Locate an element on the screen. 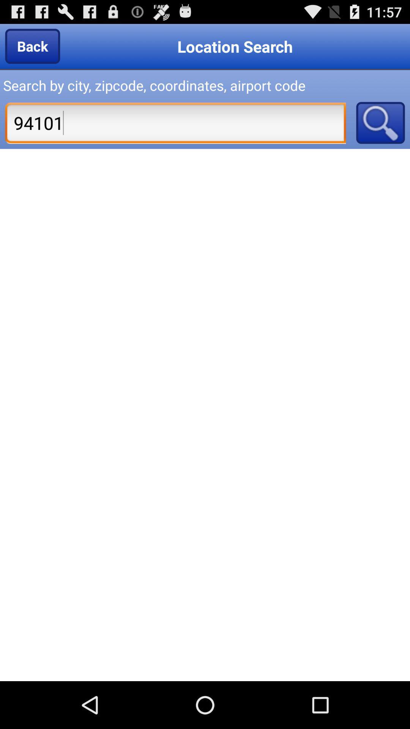 The image size is (410, 729). the 94101 icon is located at coordinates (175, 123).